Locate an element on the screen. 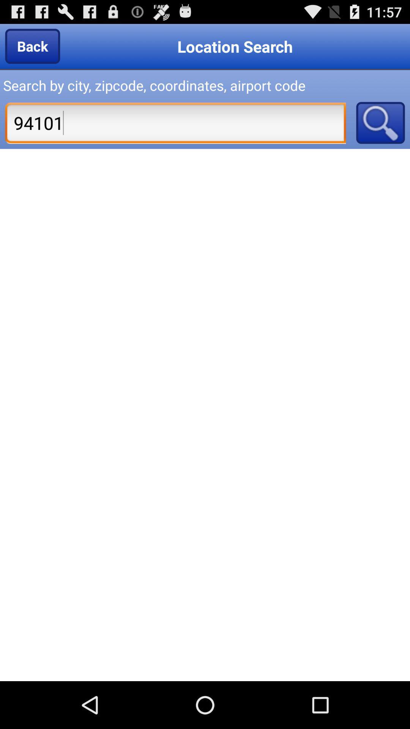 The image size is (410, 729). the 94101 icon is located at coordinates (175, 123).